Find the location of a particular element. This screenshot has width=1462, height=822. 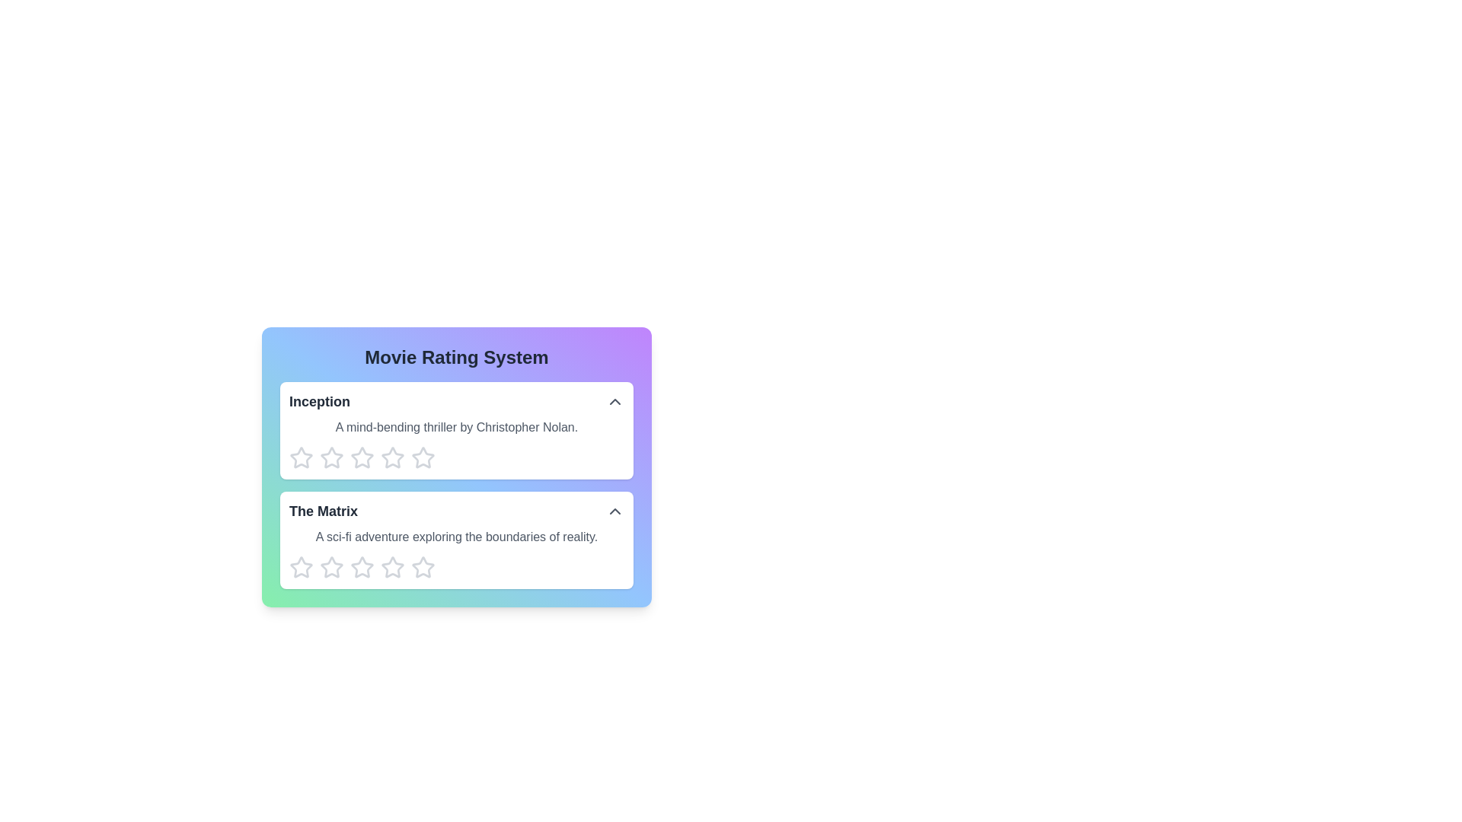

the second star icon used for rating the movie 'The Matrix' is located at coordinates (361, 567).